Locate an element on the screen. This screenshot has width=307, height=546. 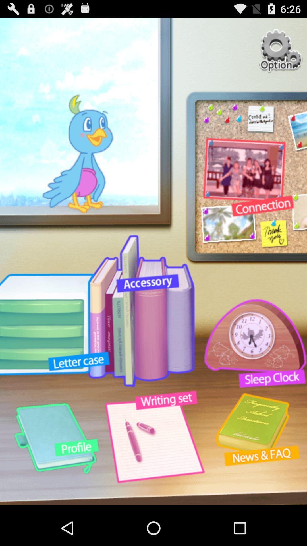
the button below accessory is located at coordinates (153, 439).